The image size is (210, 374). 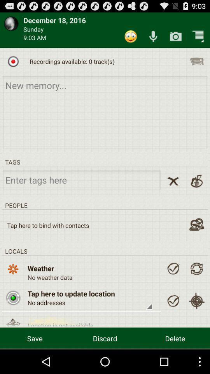 What do you see at coordinates (173, 181) in the screenshot?
I see `close` at bounding box center [173, 181].